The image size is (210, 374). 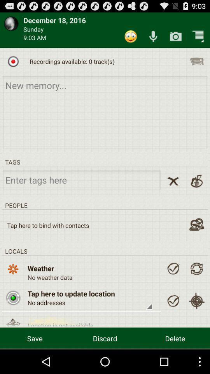 What do you see at coordinates (173, 181) in the screenshot?
I see `close` at bounding box center [173, 181].